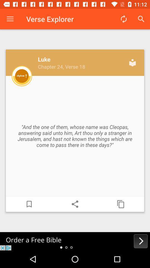  I want to click on copy, so click(121, 204).